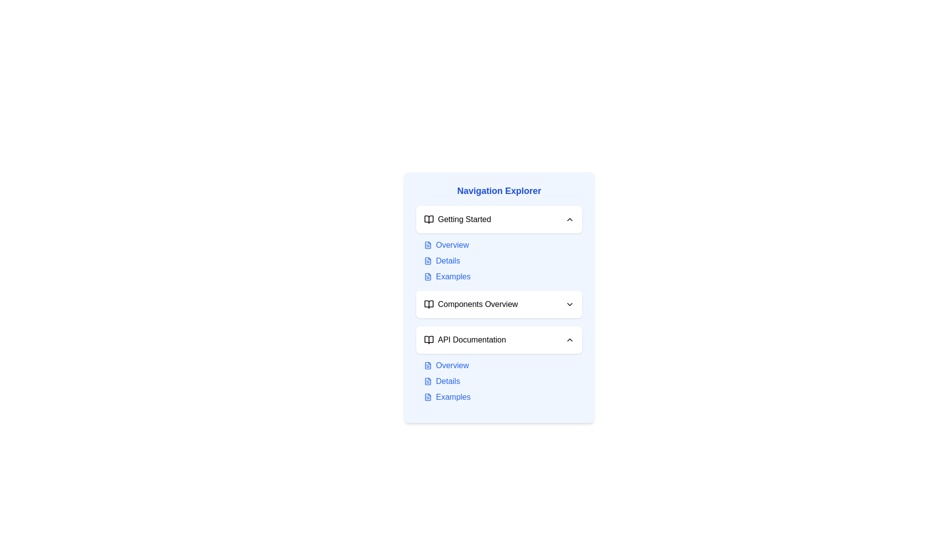 The image size is (949, 533). I want to click on the open book icon, which is the first icon in the navigation list and is located immediately to the left of the 'Getting Started' section header, so click(429, 219).